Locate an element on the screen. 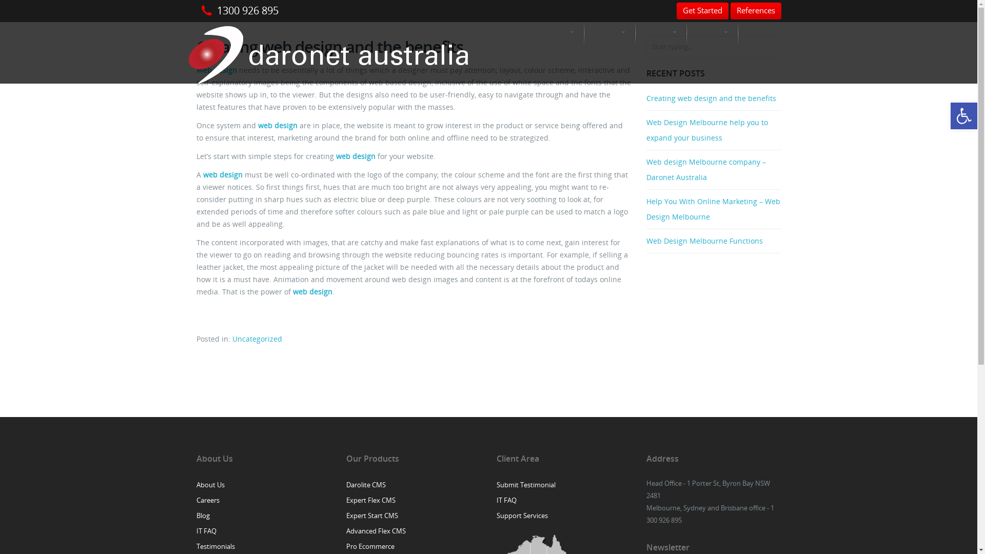 Image resolution: width=985 pixels, height=554 pixels. 'Web Design Melbourne help you to expand your business' is located at coordinates (713, 130).